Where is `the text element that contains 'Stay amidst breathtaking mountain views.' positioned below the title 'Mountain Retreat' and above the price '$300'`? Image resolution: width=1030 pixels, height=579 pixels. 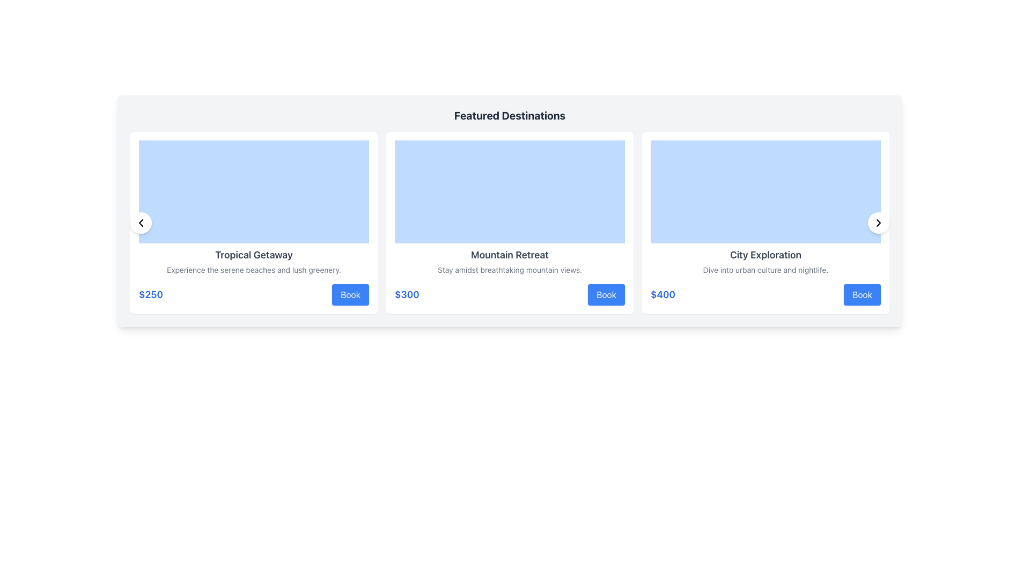
the text element that contains 'Stay amidst breathtaking mountain views.' positioned below the title 'Mountain Retreat' and above the price '$300' is located at coordinates (509, 270).